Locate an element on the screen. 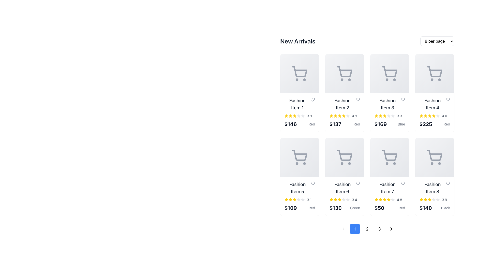 The image size is (491, 276). the text label that indicates the color attribute for the fourth product in the top row of the product grid, located to the right of the price '$225' is located at coordinates (447, 124).